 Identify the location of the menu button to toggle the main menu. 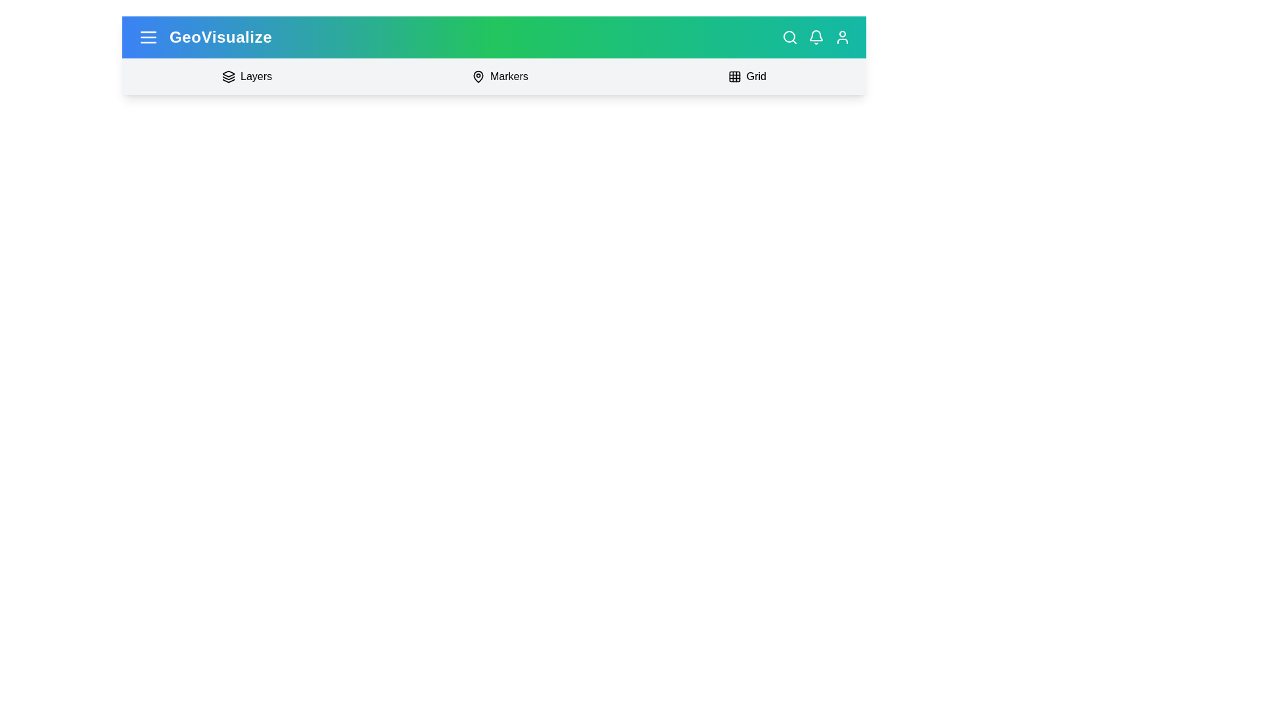
(148, 37).